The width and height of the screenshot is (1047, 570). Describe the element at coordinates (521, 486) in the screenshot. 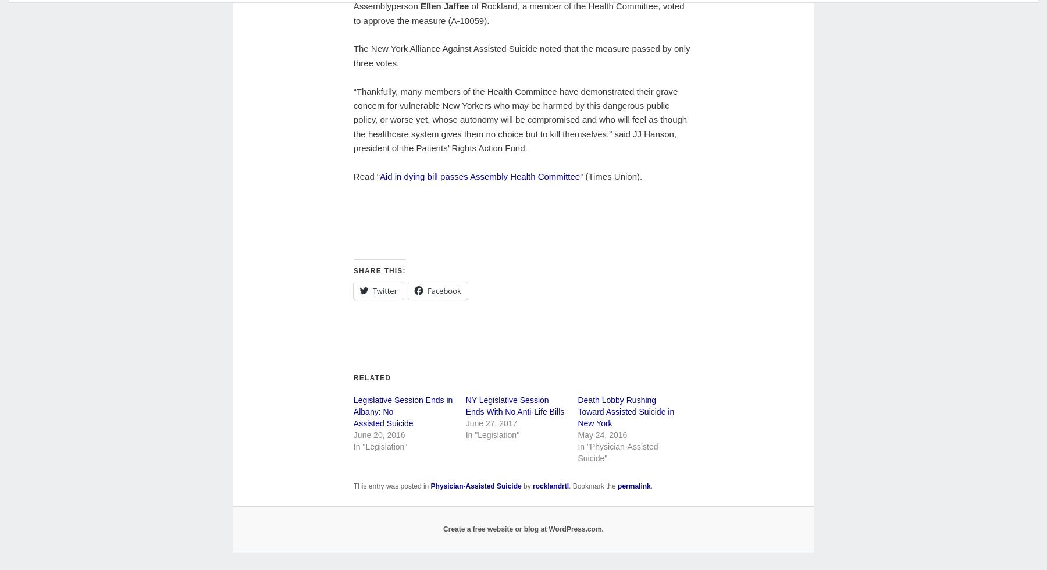

I see `'by'` at that location.